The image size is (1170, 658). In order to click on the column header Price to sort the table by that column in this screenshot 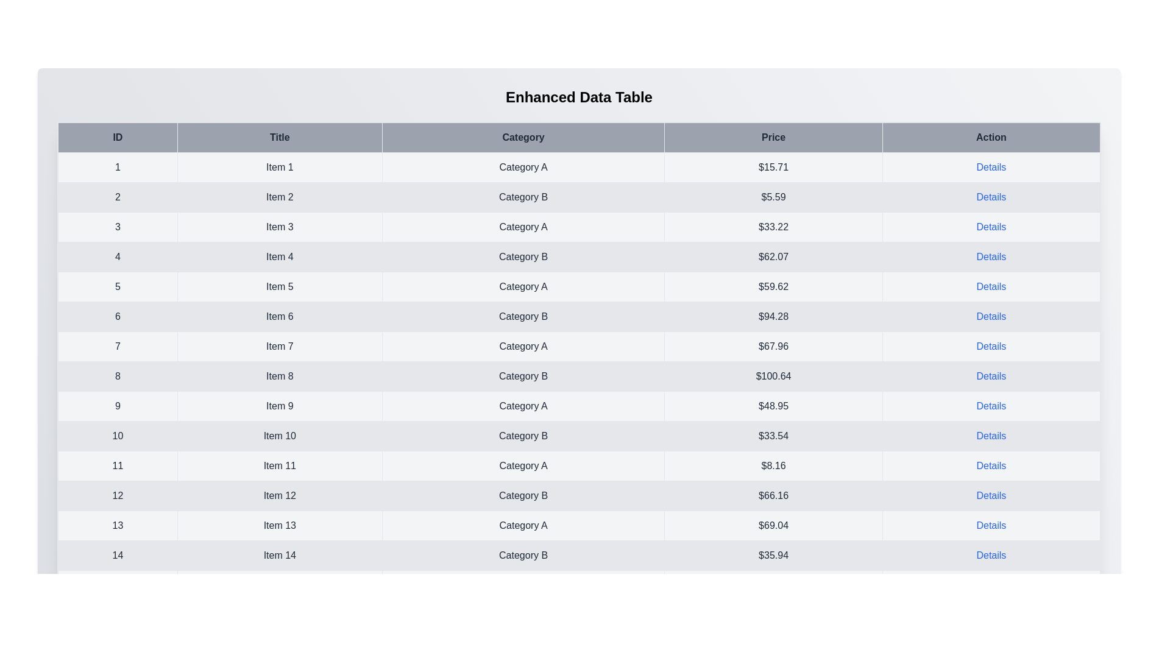, I will do `click(773, 137)`.